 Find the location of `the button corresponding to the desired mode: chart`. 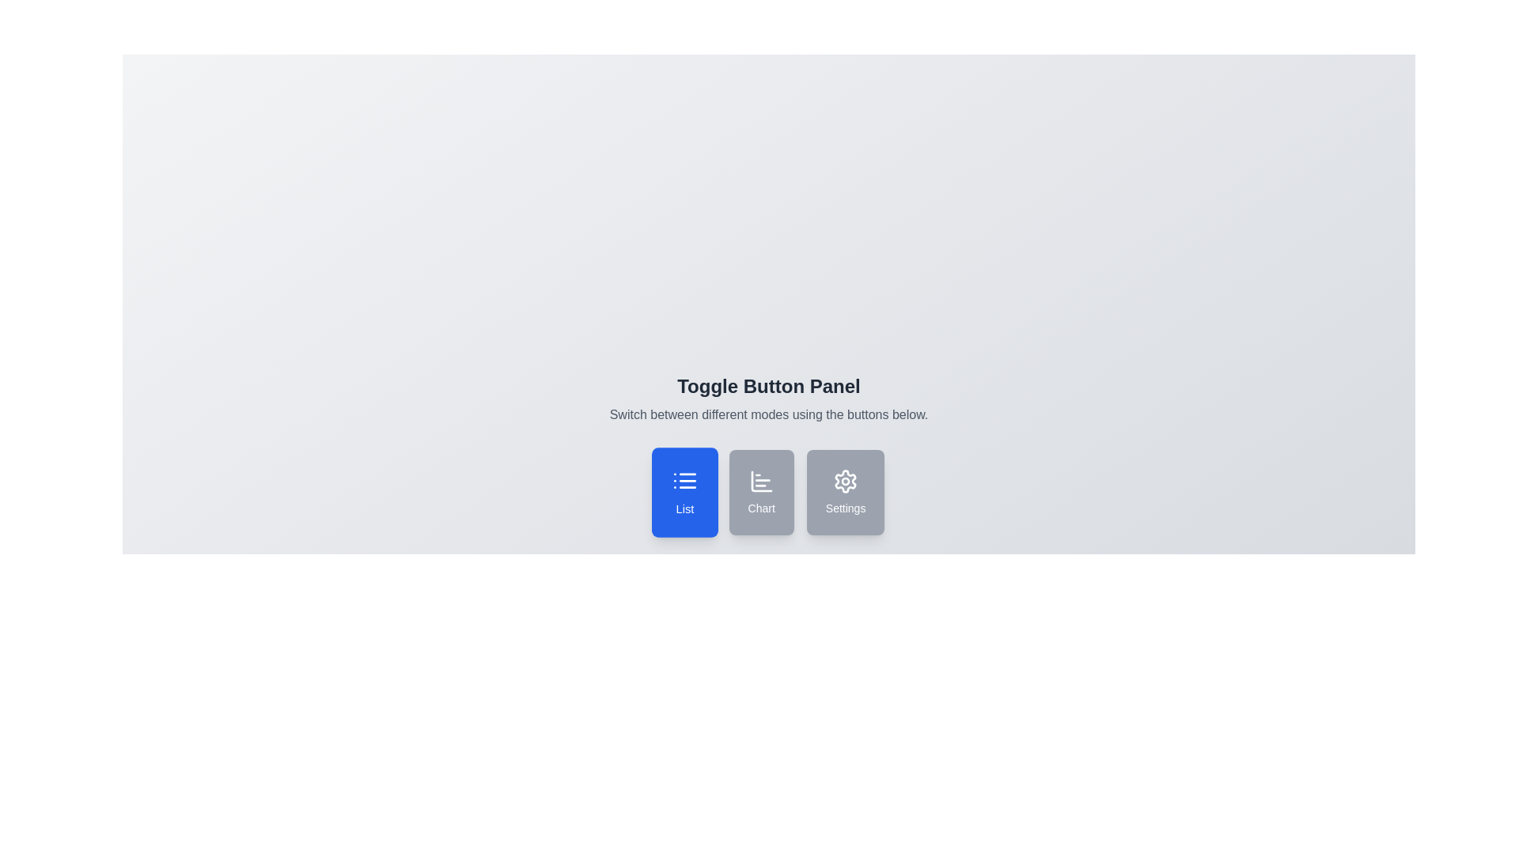

the button corresponding to the desired mode: chart is located at coordinates (761, 492).